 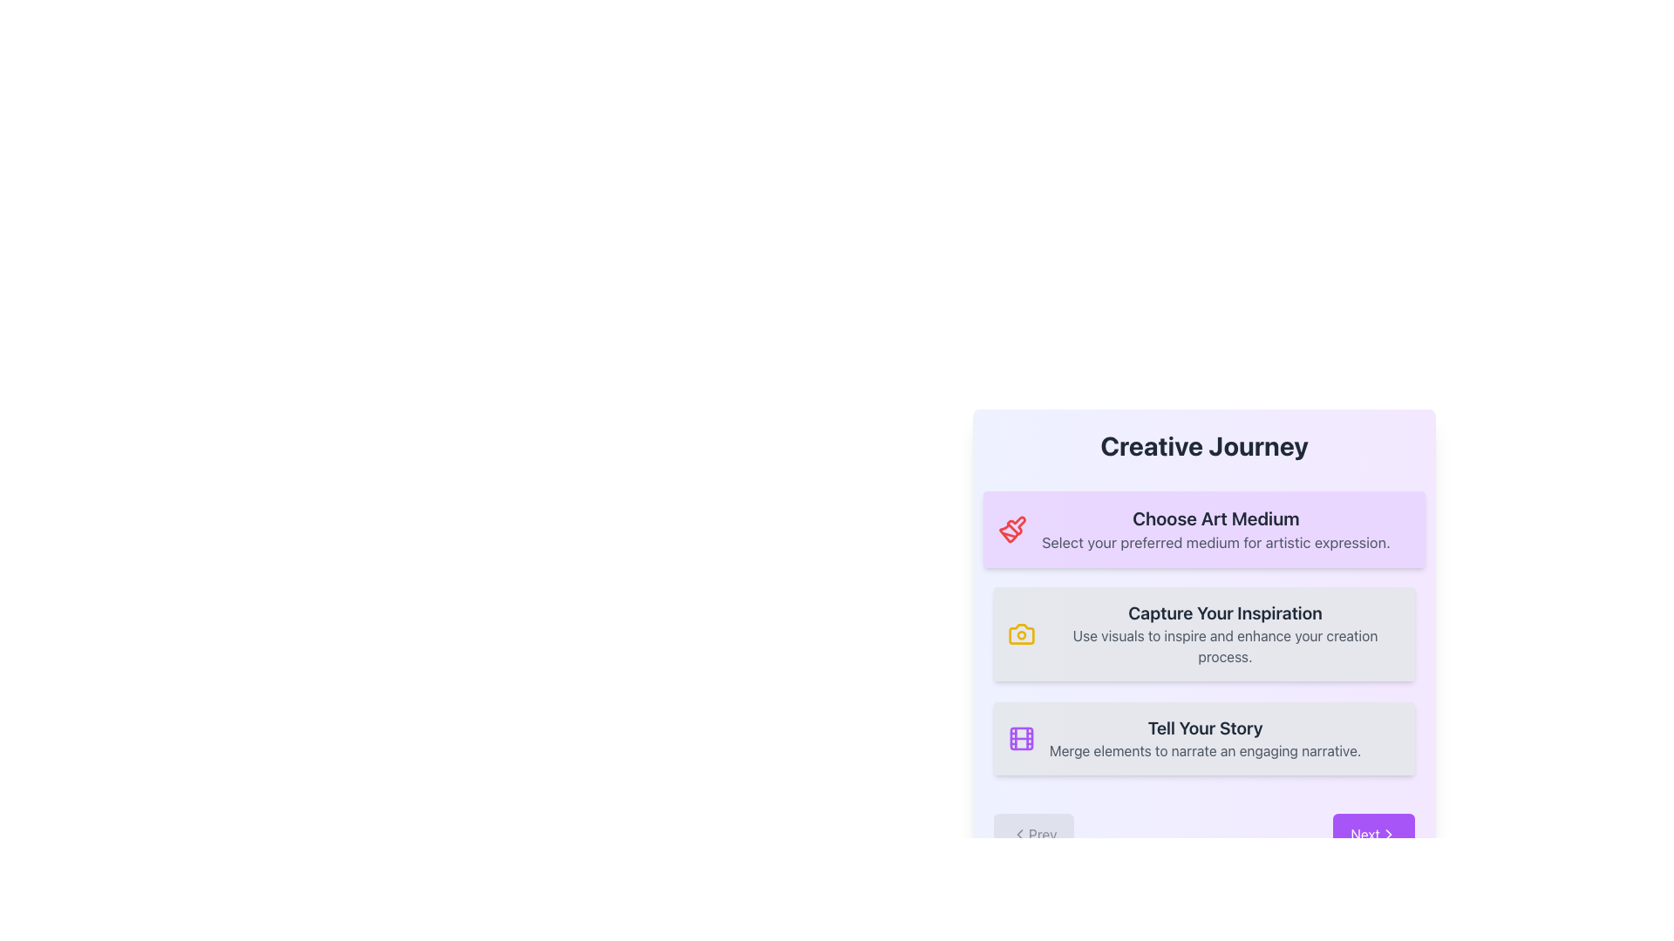 What do you see at coordinates (1020, 833) in the screenshot?
I see `the chevron icon located in the control bar at the bottom left of the interface` at bounding box center [1020, 833].